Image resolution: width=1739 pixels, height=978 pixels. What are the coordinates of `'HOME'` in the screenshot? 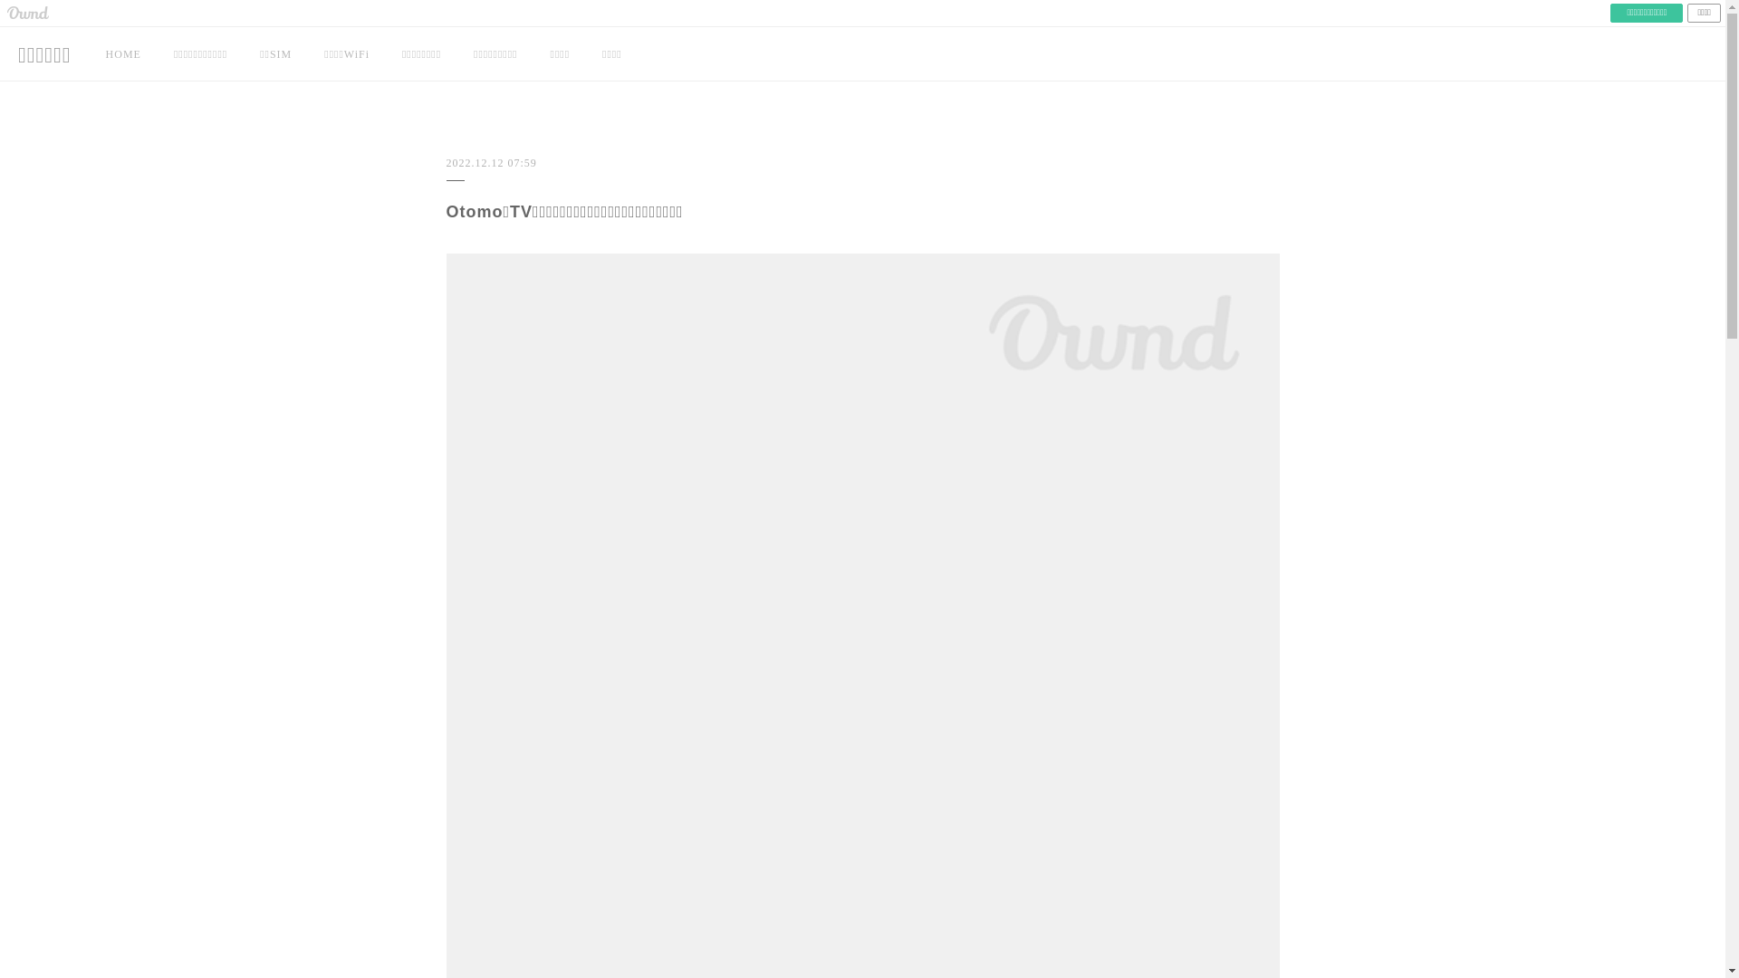 It's located at (122, 53).